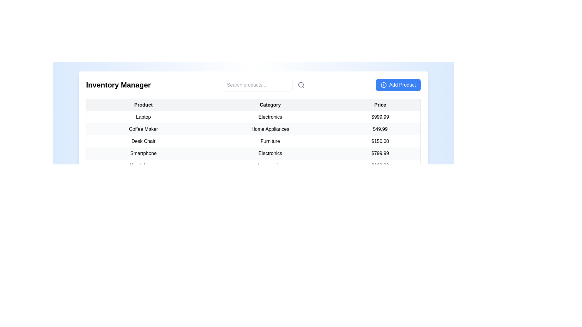  Describe the element at coordinates (253, 141) in the screenshot. I see `the third row of the inventory table, which is positioned between the 'Coffee Maker' and 'Smartphone' entries and spans the full width of the table` at that location.